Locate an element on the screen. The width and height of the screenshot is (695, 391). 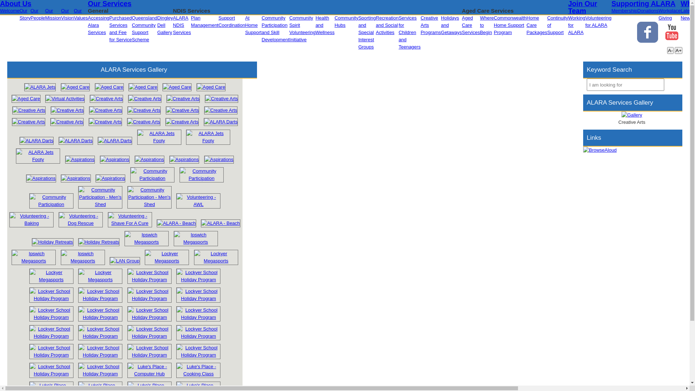
'Our People' is located at coordinates (37, 14).